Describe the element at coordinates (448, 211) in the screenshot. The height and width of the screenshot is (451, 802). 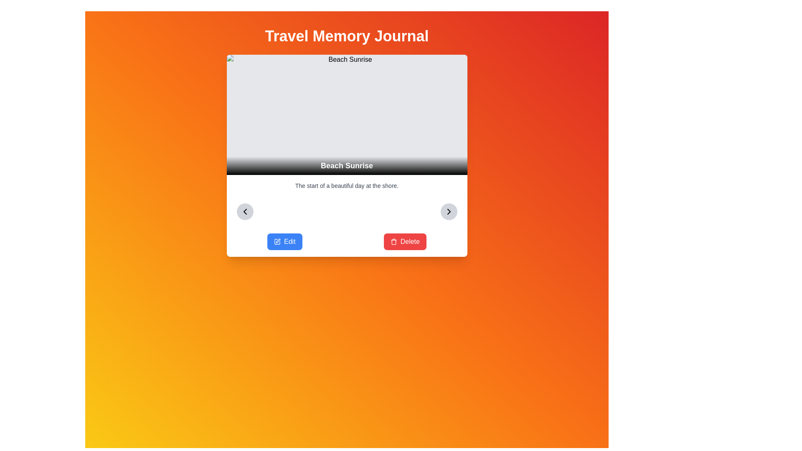
I see `the right-pointing chevron icon button located in the bottom-right corner of the card interface` at that location.